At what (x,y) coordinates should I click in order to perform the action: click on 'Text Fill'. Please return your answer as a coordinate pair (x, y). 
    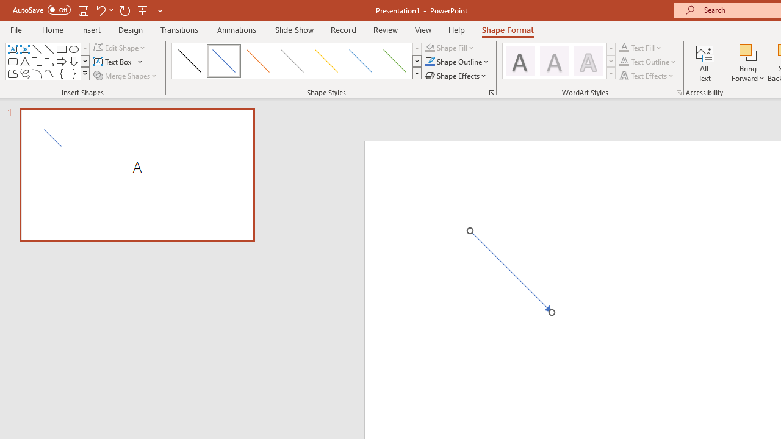
    Looking at the image, I should click on (640, 47).